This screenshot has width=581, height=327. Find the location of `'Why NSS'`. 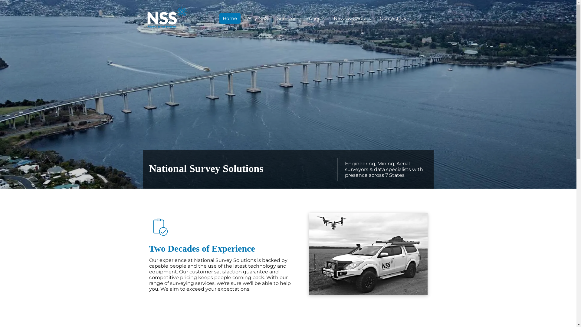

'Why NSS' is located at coordinates (257, 18).